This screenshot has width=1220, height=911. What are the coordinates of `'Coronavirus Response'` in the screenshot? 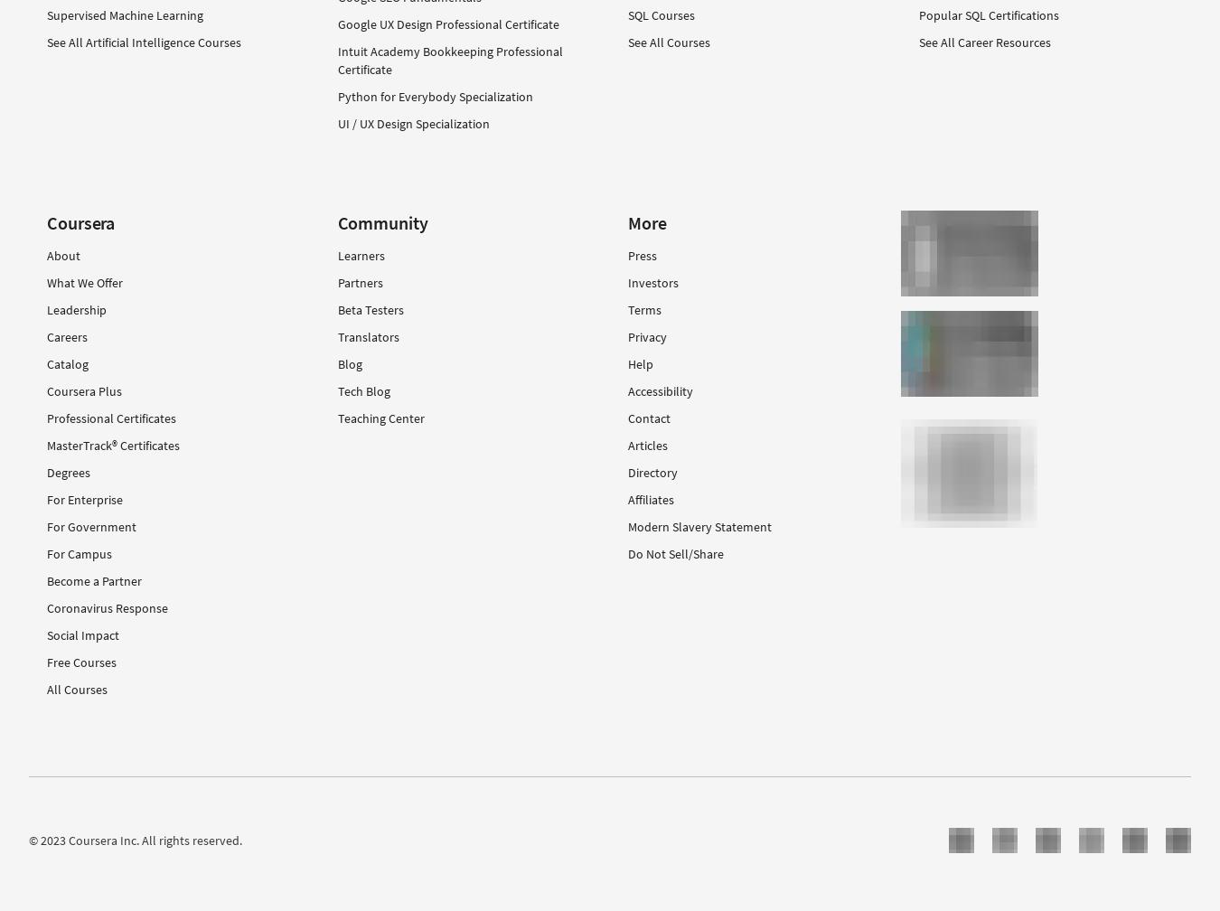 It's located at (107, 607).